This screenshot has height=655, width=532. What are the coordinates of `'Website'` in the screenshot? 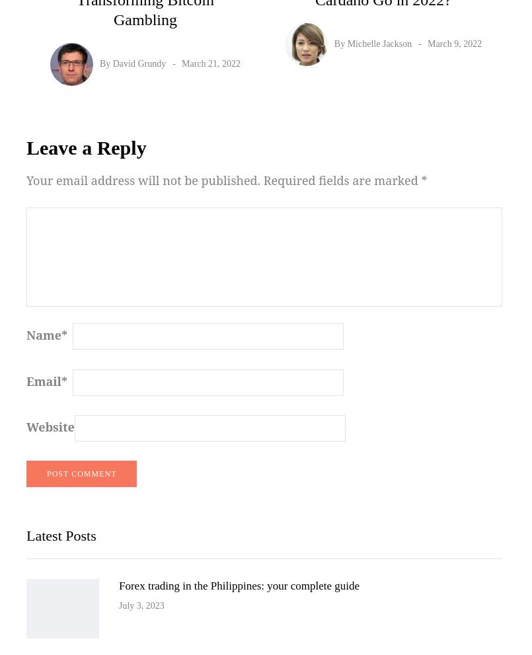 It's located at (26, 426).